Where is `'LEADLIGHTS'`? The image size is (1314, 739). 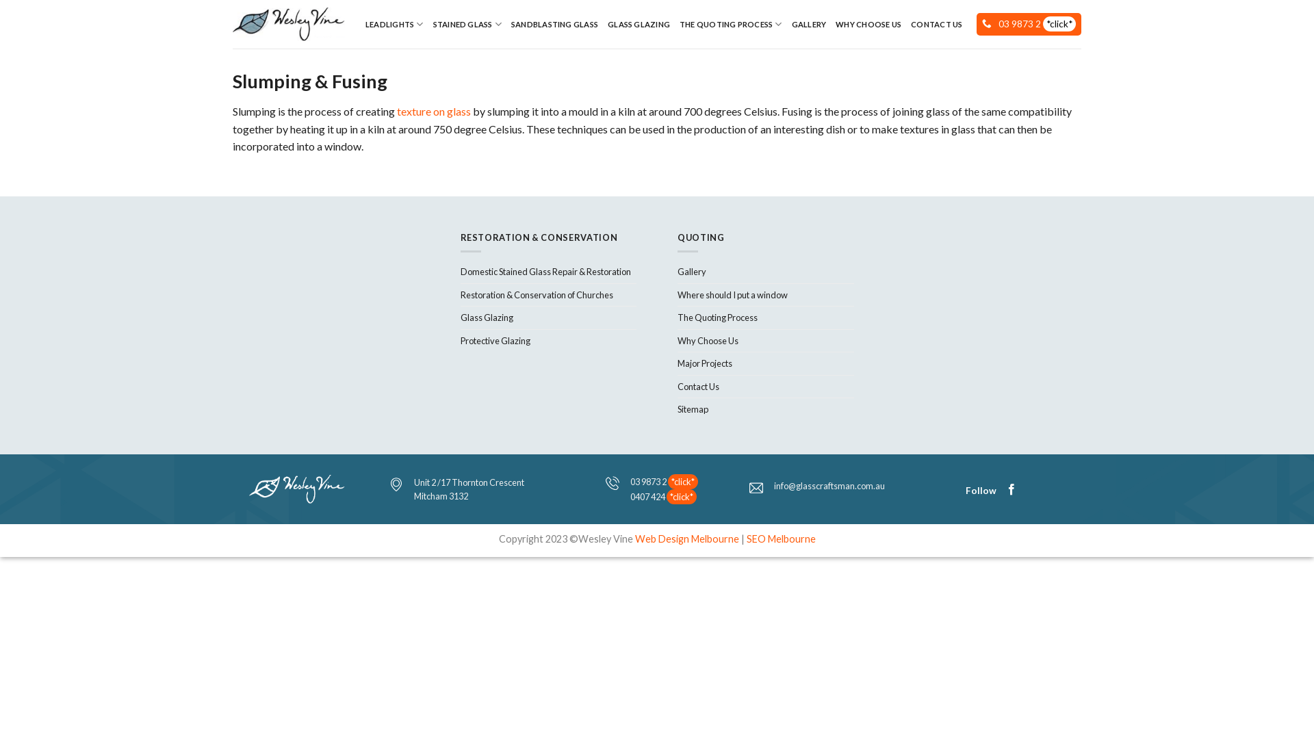 'LEADLIGHTS' is located at coordinates (394, 24).